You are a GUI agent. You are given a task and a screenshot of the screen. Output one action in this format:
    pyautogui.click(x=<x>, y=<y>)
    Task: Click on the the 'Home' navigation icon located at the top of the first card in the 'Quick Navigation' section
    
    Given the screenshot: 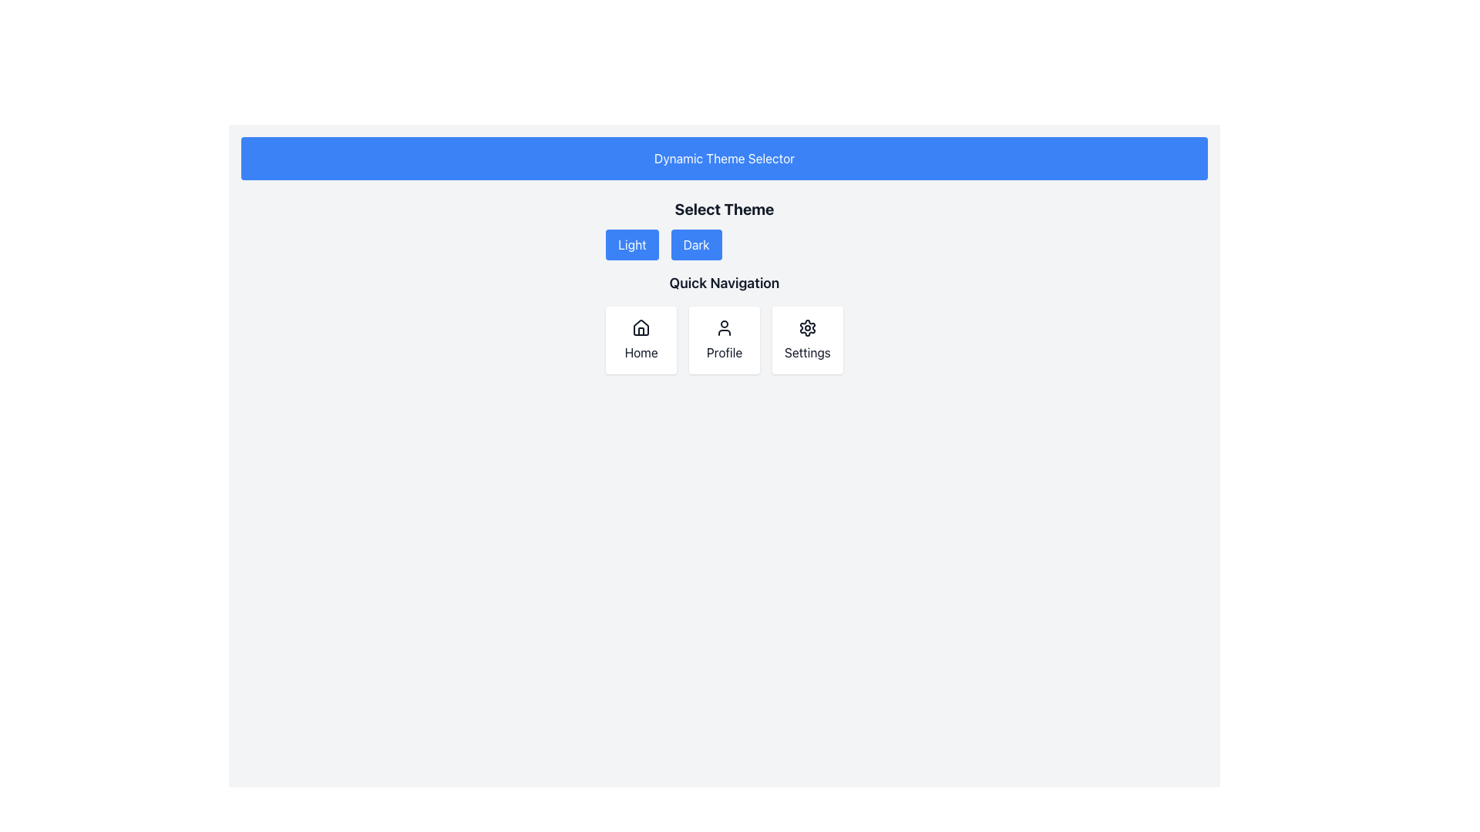 What is the action you would take?
    pyautogui.click(x=641, y=326)
    